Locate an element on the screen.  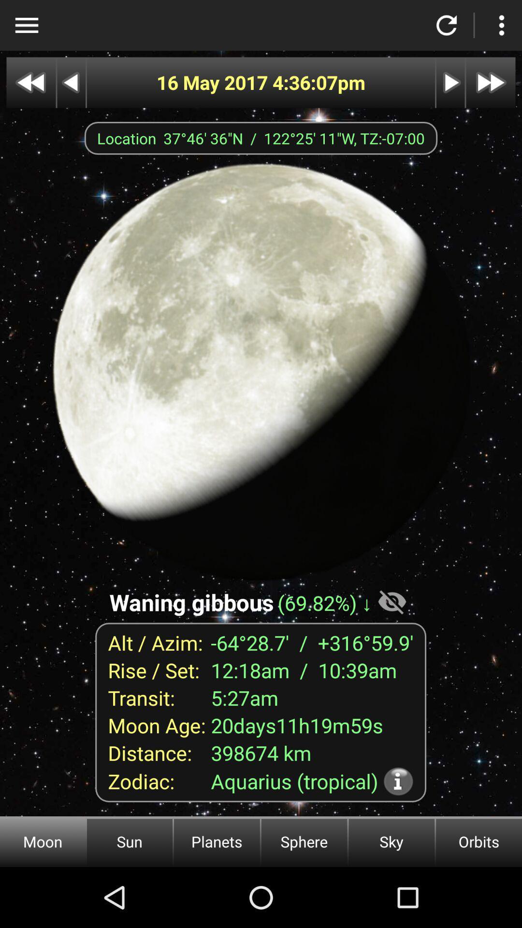
next image is located at coordinates (450, 83).